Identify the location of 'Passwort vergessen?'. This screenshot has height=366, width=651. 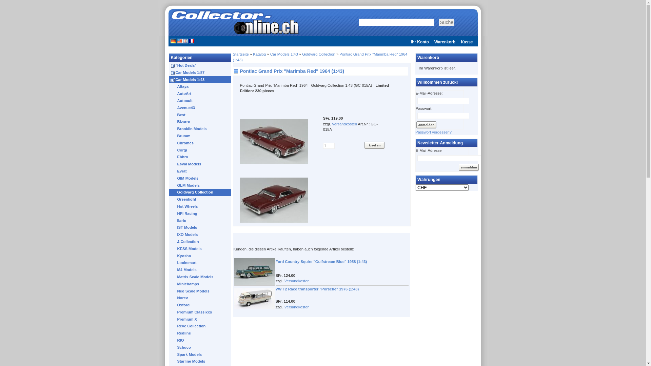
(433, 132).